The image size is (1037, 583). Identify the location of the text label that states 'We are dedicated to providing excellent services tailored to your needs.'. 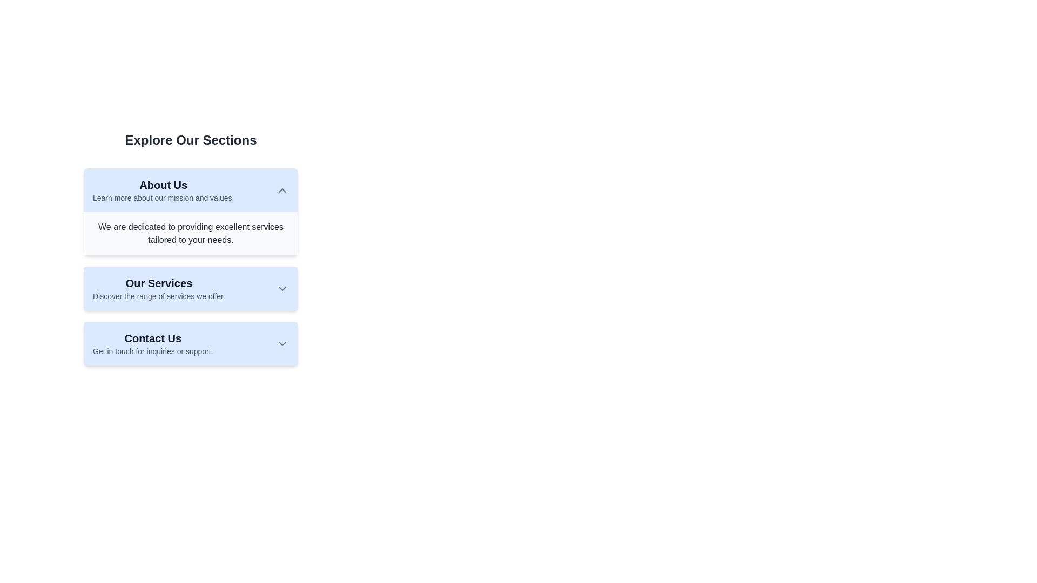
(191, 233).